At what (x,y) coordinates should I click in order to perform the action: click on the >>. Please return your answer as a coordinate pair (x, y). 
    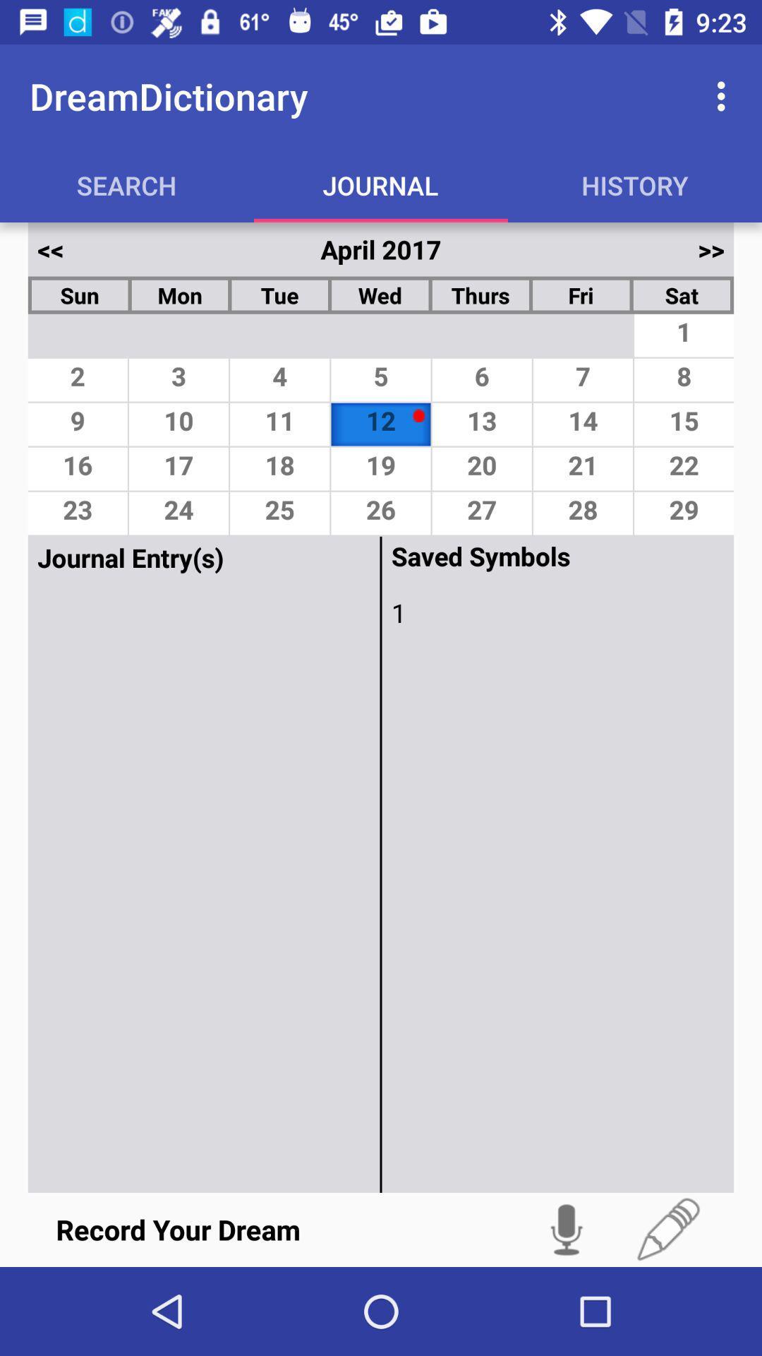
    Looking at the image, I should click on (710, 249).